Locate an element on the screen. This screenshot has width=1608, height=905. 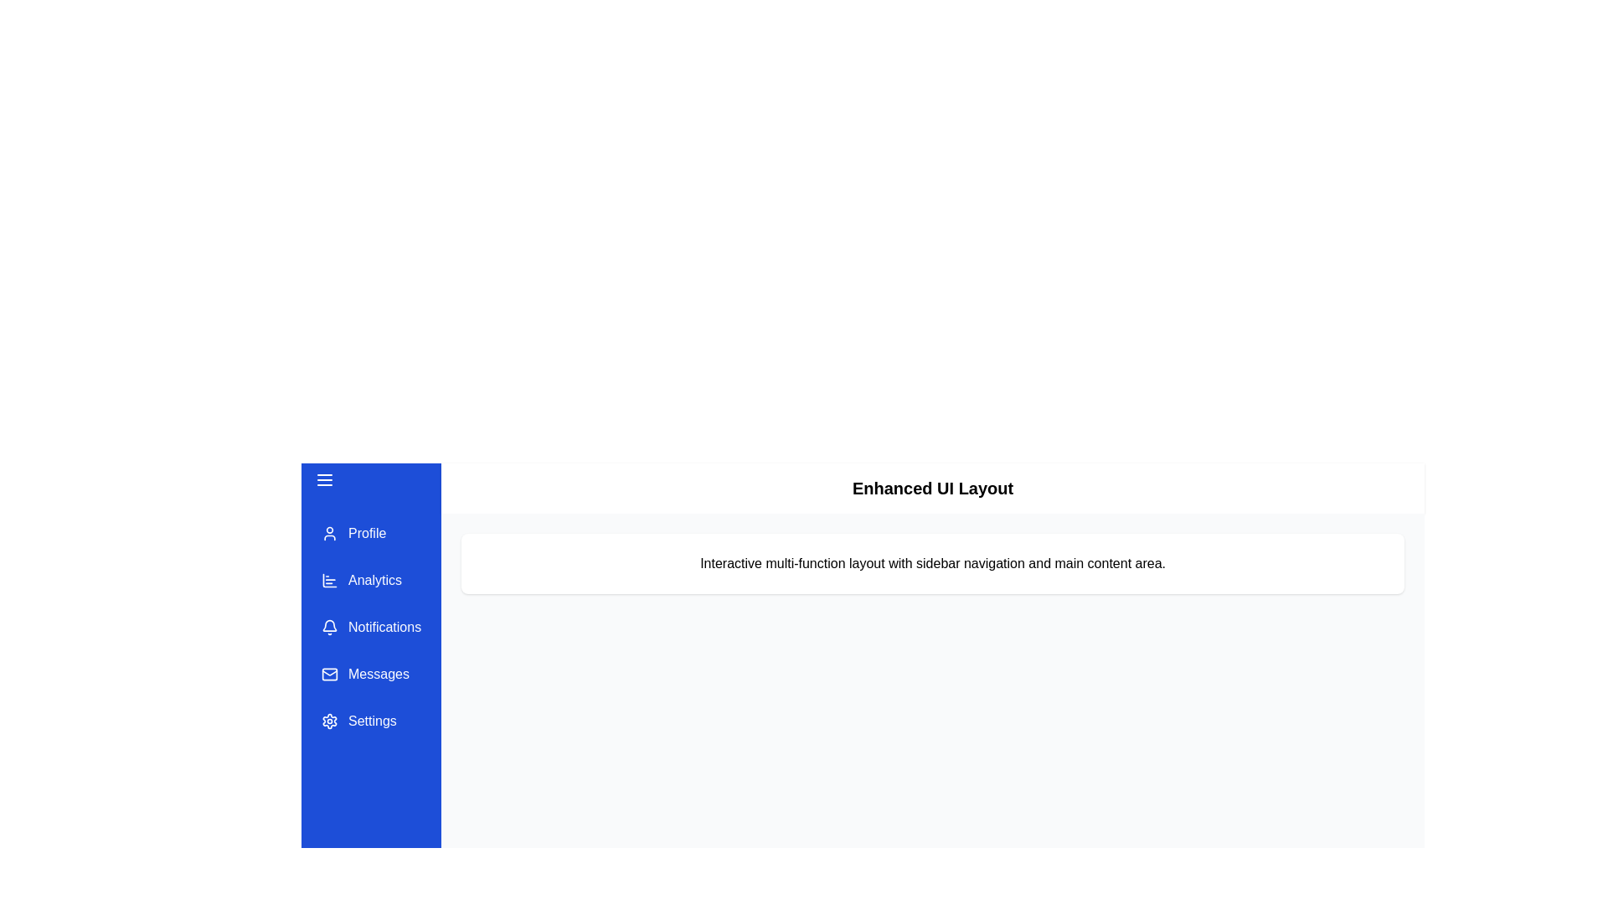
the gear-shaped icon button at the bottom of the vertical menu bar is located at coordinates (329, 720).